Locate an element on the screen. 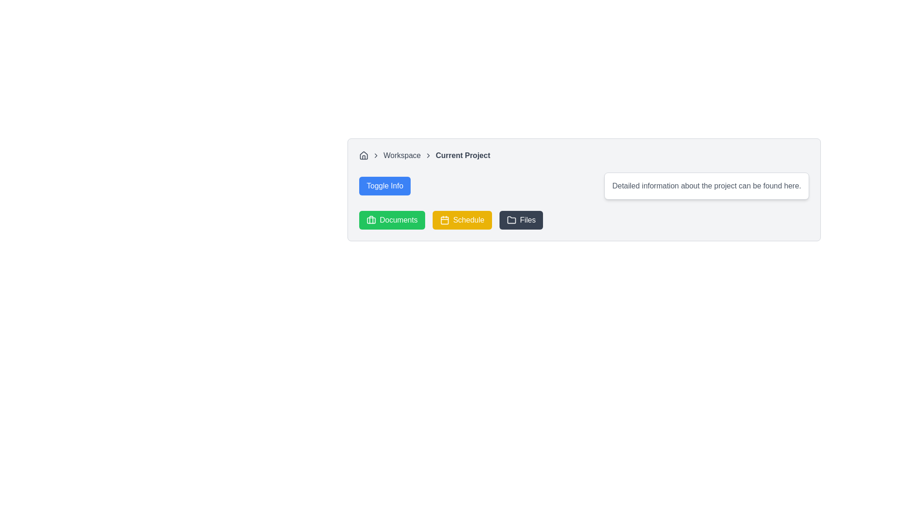  the 'Files' button, which is the third button in a horizontal sequence following 'Documents' and 'Schedule' is located at coordinates (520, 220).